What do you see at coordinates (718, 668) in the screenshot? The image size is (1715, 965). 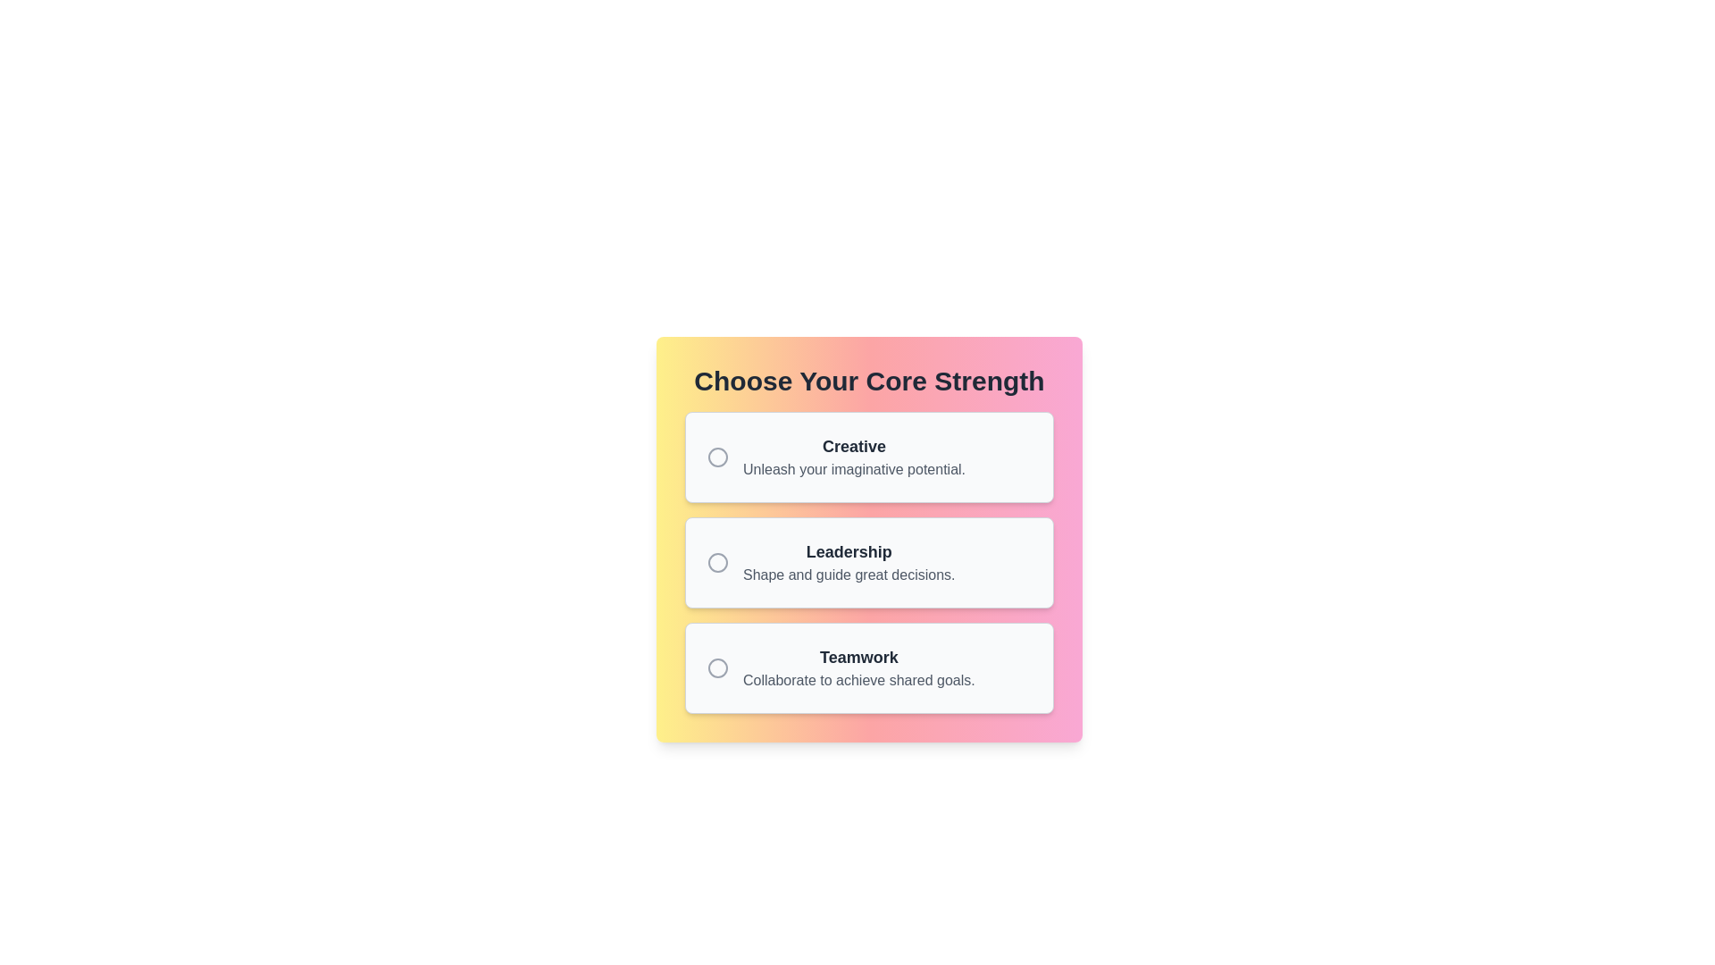 I see `the circular radio button positioned to the left of the text 'Teamwork Collaborate to achieve shared goals'` at bounding box center [718, 668].